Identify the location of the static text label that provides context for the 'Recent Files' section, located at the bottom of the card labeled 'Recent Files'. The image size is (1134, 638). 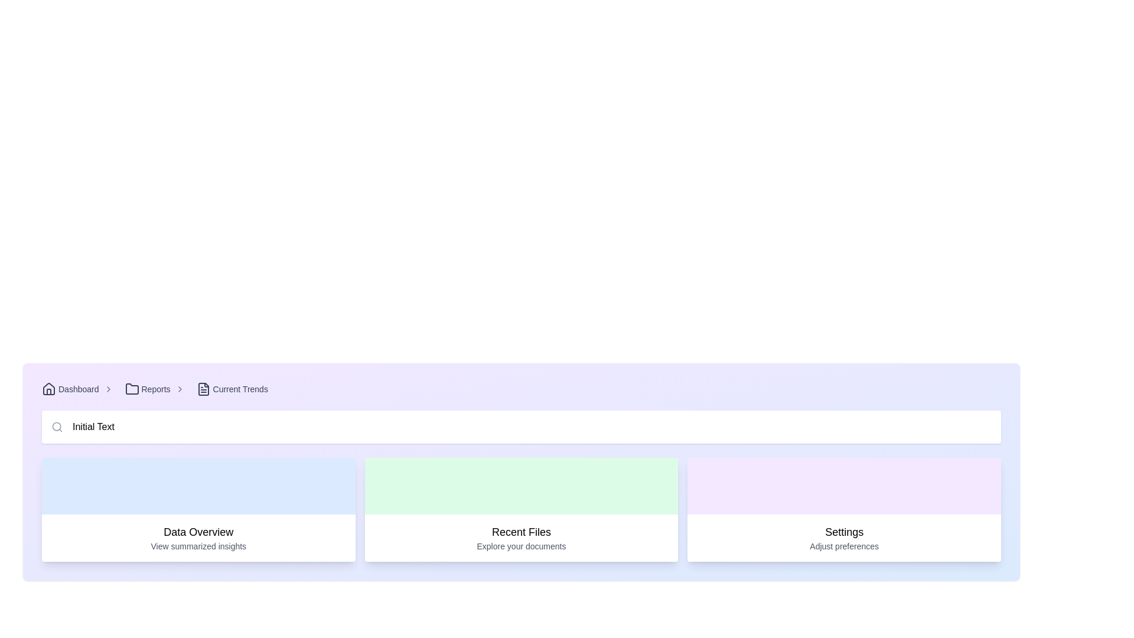
(521, 546).